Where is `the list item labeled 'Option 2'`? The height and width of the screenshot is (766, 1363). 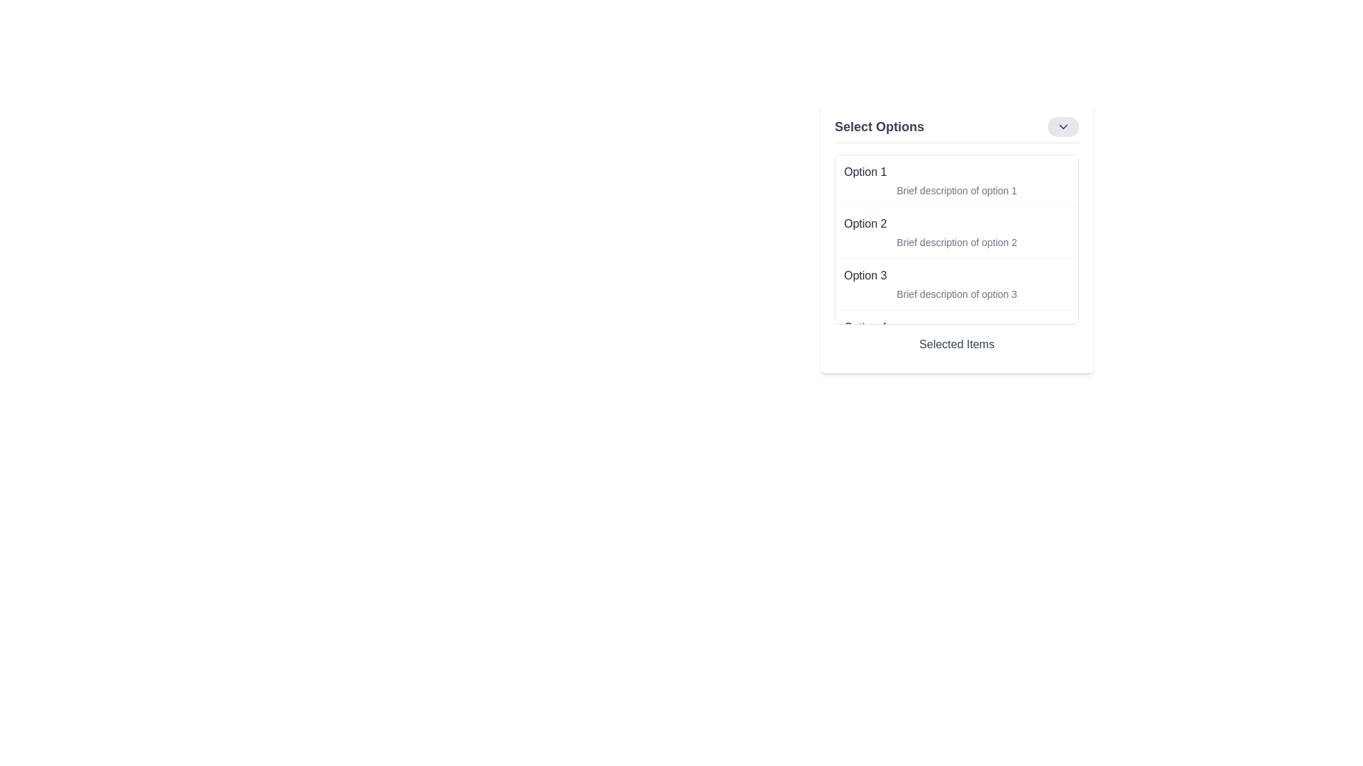 the list item labeled 'Option 2' is located at coordinates (957, 231).